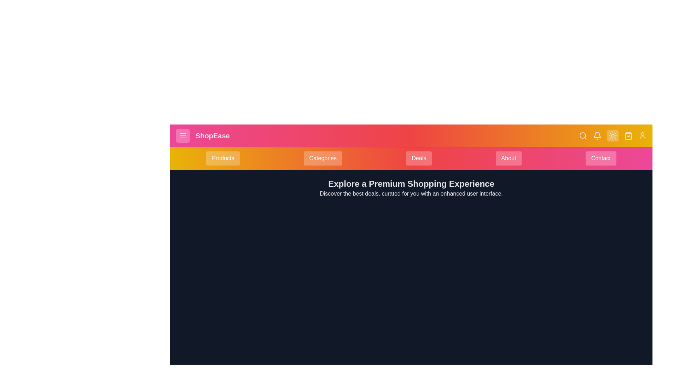  I want to click on the Products button in the navigation bar to navigate to the respective section, so click(222, 158).